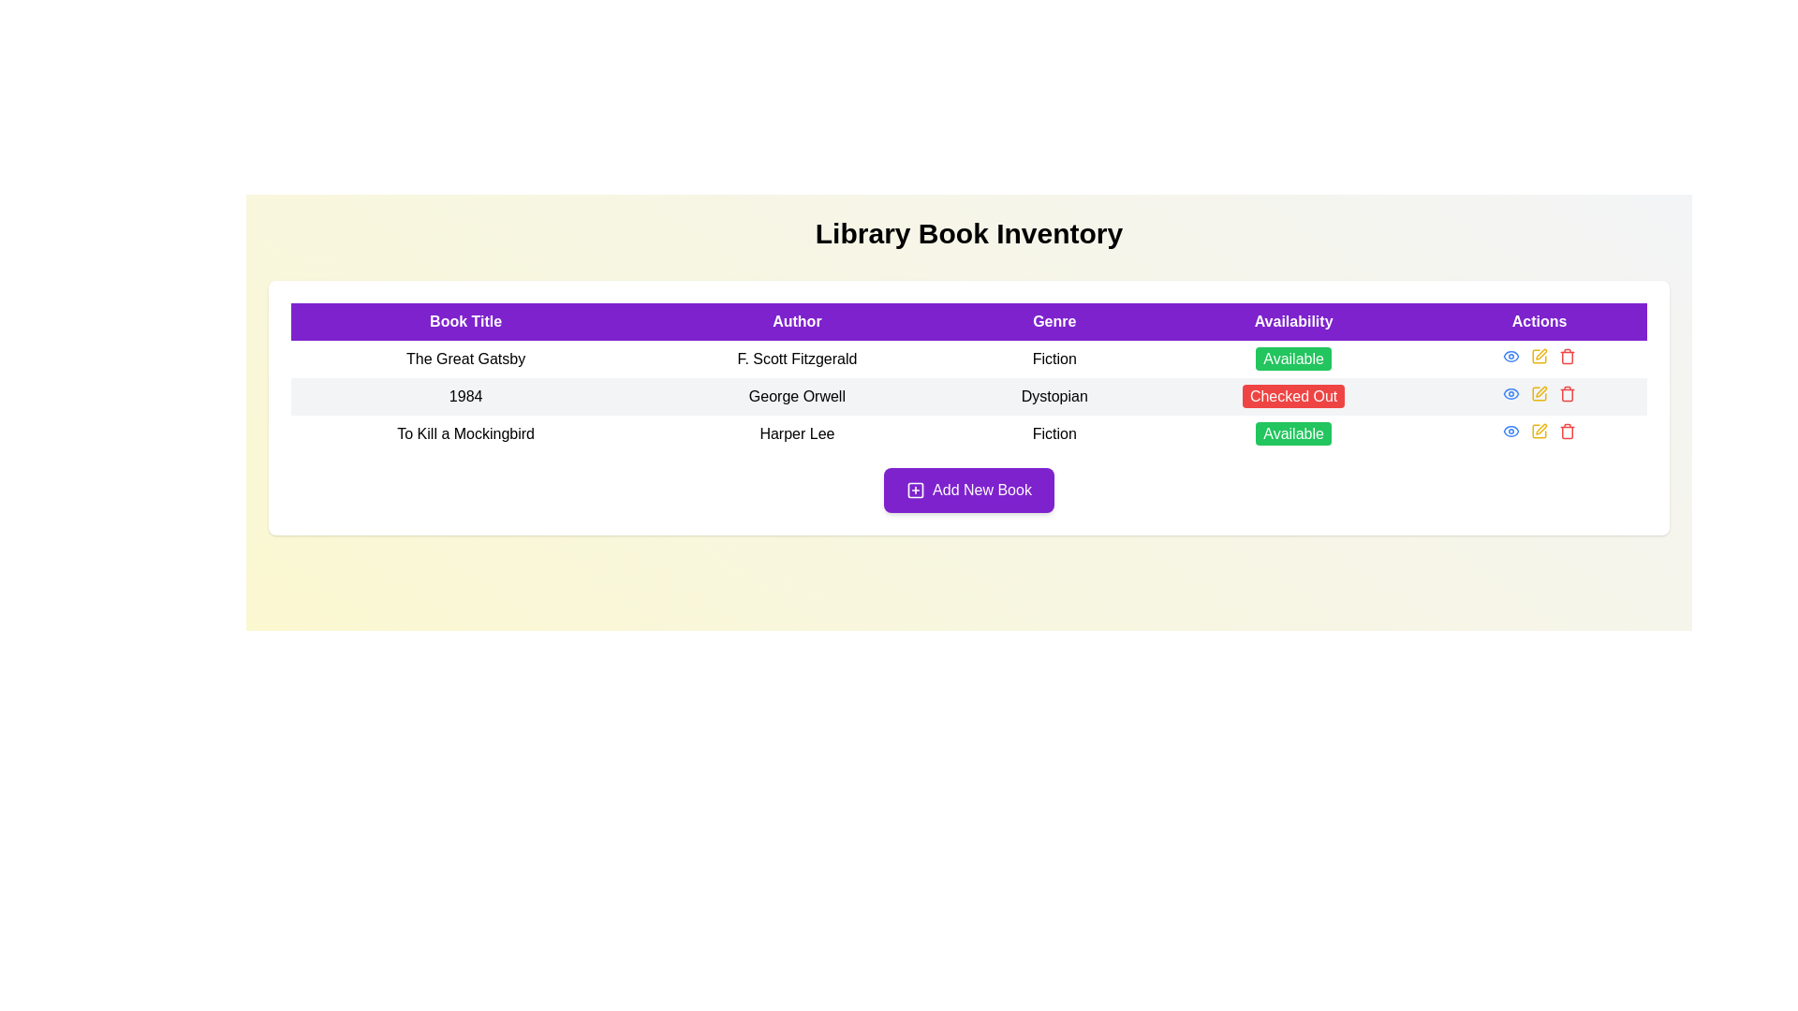  I want to click on the text label indicating the author of 'The Great Gatsby', located in the second column of the first row under the 'Author' heading, so click(797, 359).